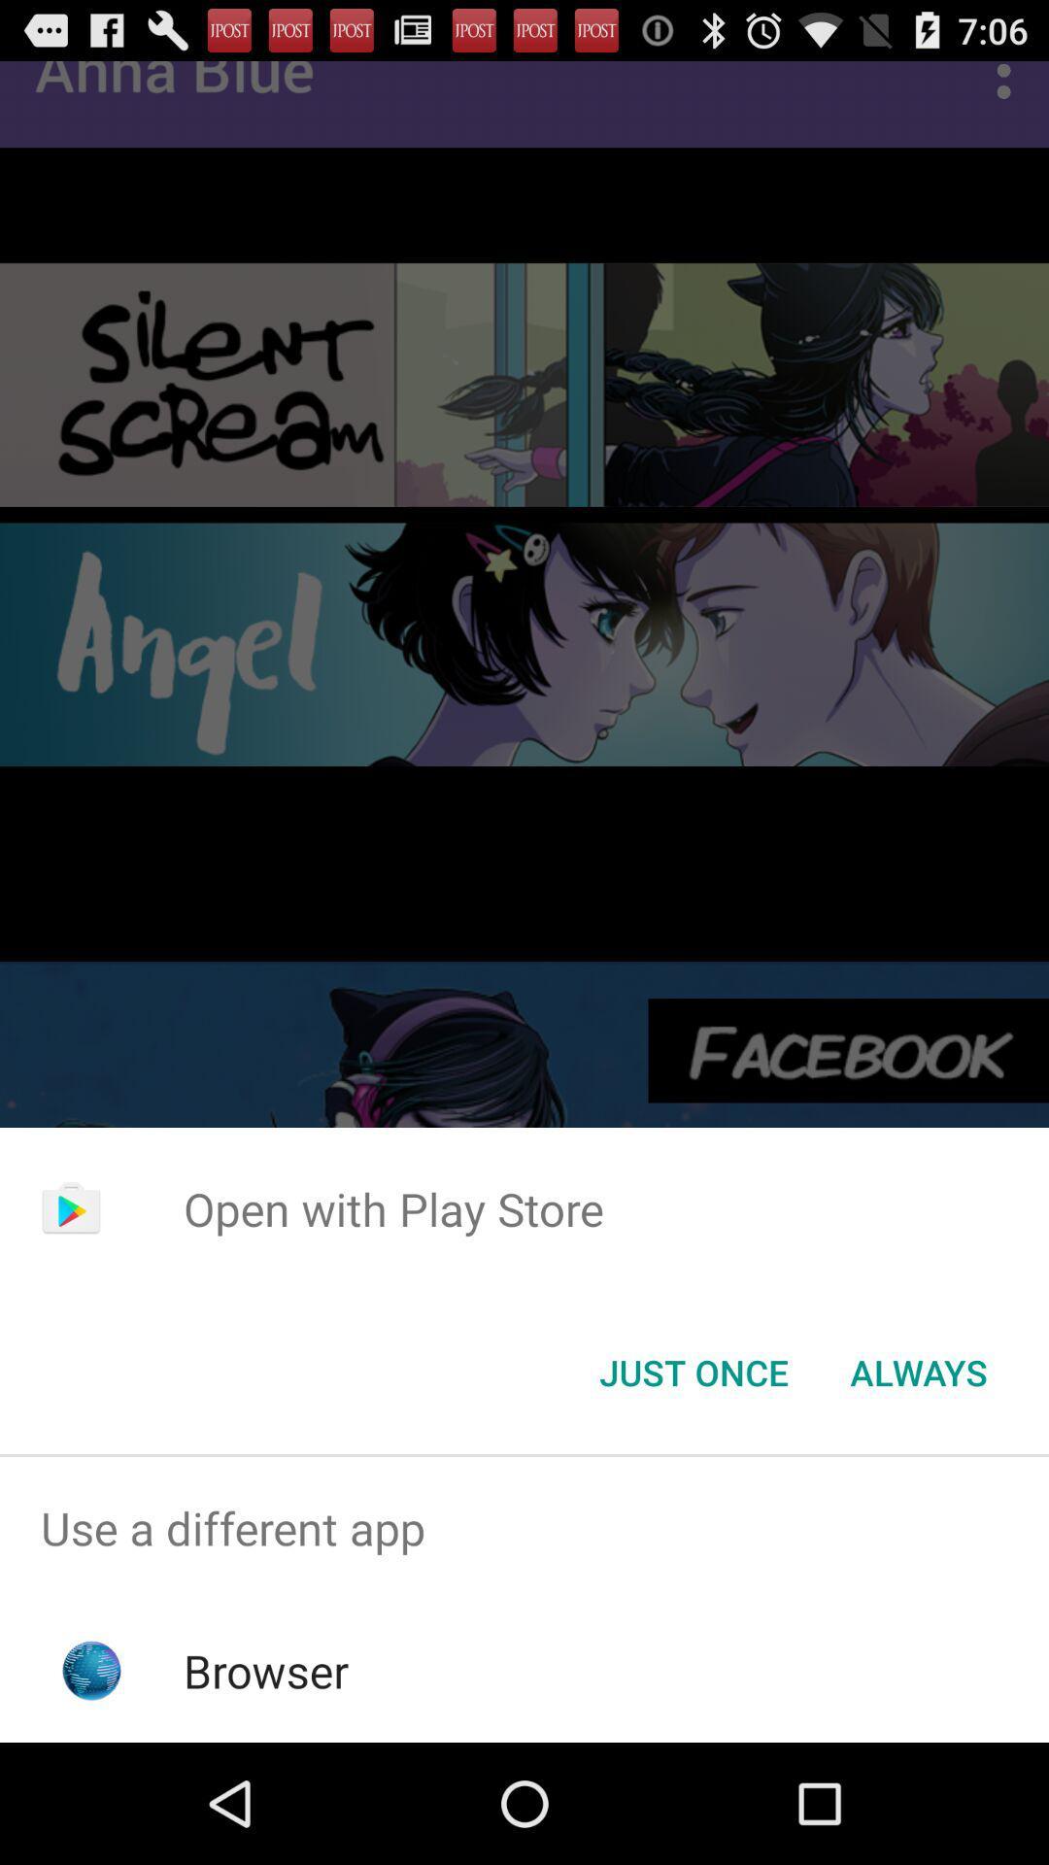 The image size is (1049, 1865). What do you see at coordinates (918, 1371) in the screenshot?
I see `the icon to the right of the just once` at bounding box center [918, 1371].